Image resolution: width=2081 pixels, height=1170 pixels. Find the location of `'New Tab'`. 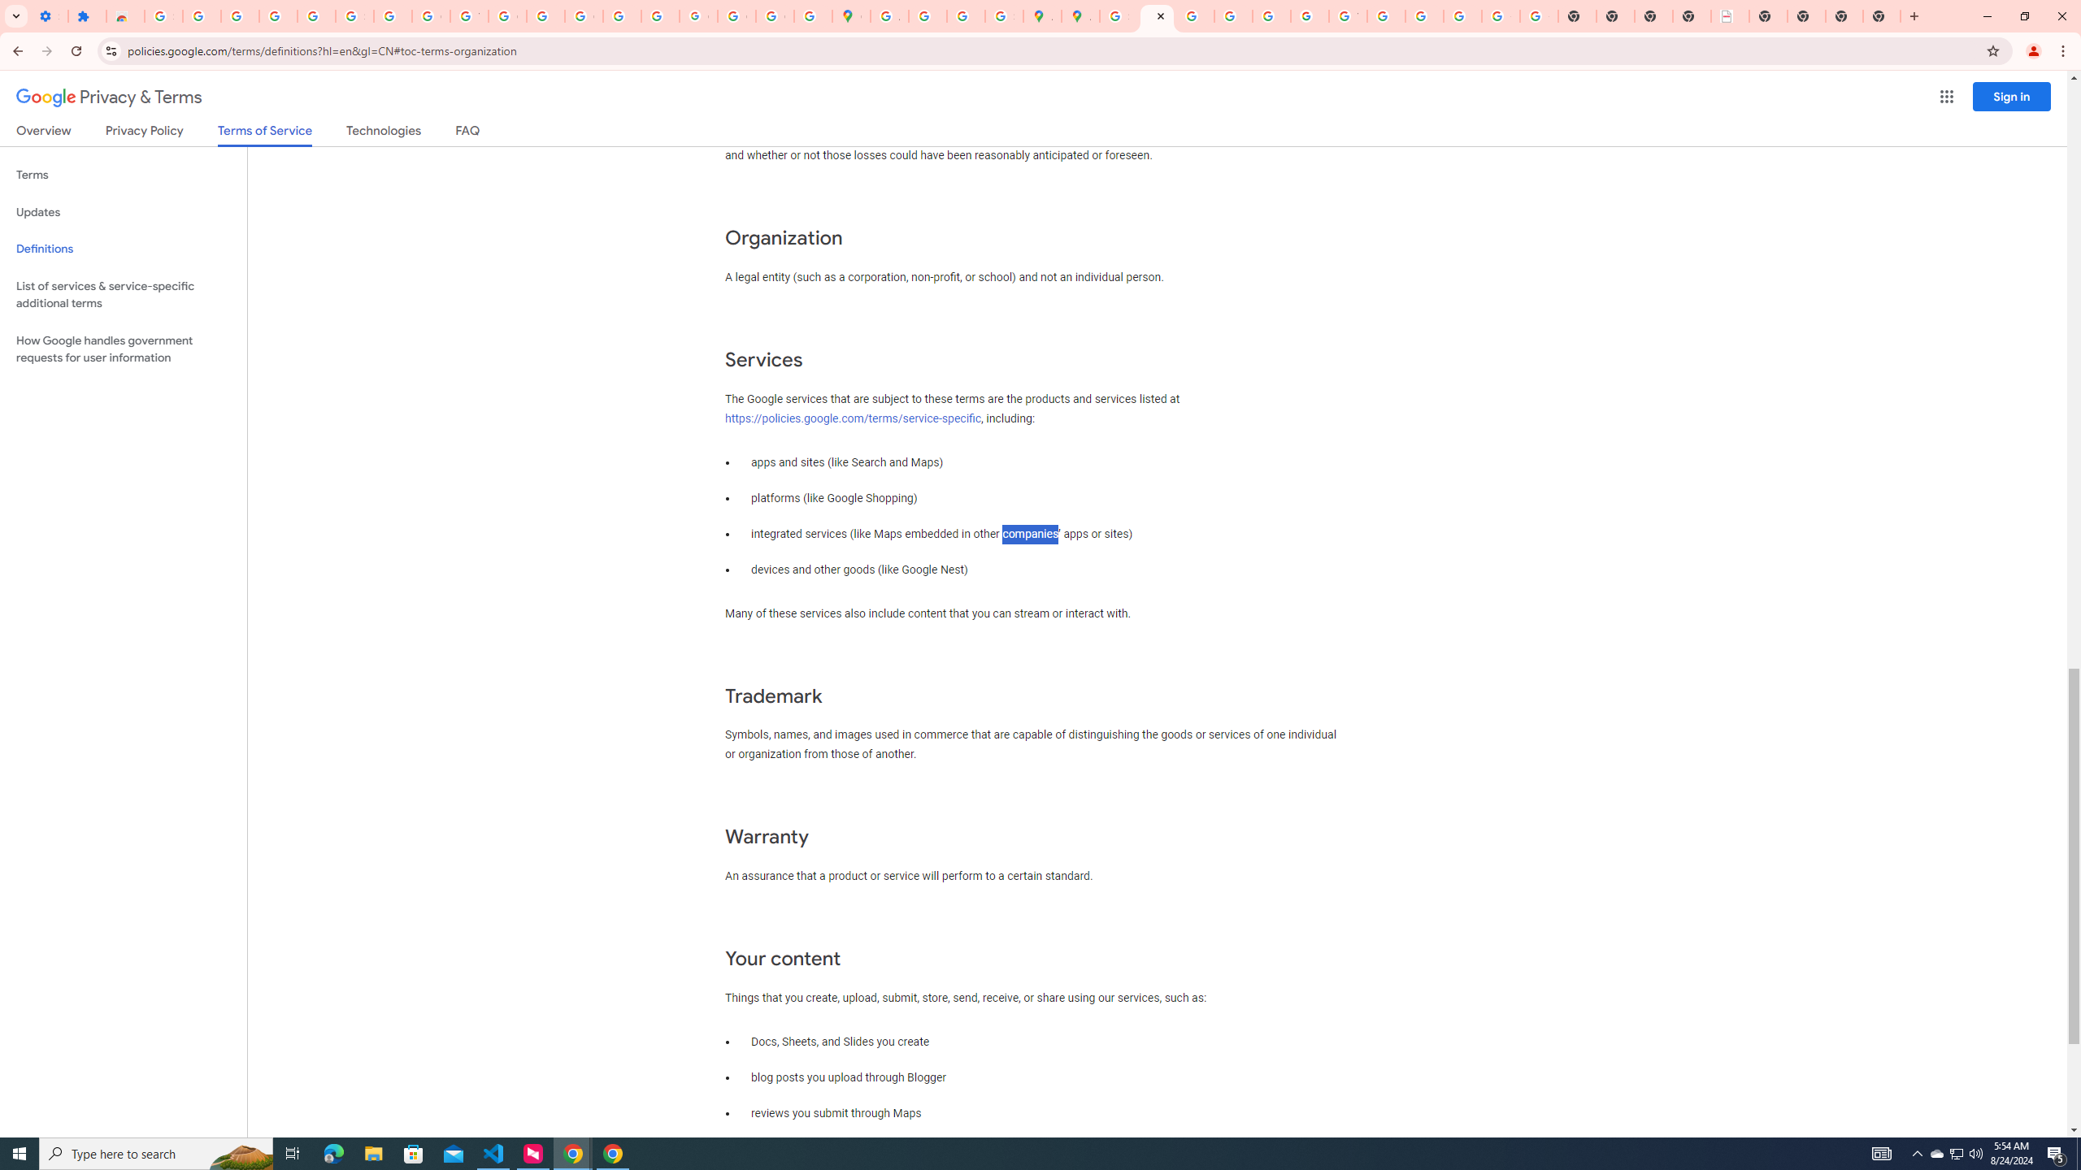

'New Tab' is located at coordinates (1844, 15).